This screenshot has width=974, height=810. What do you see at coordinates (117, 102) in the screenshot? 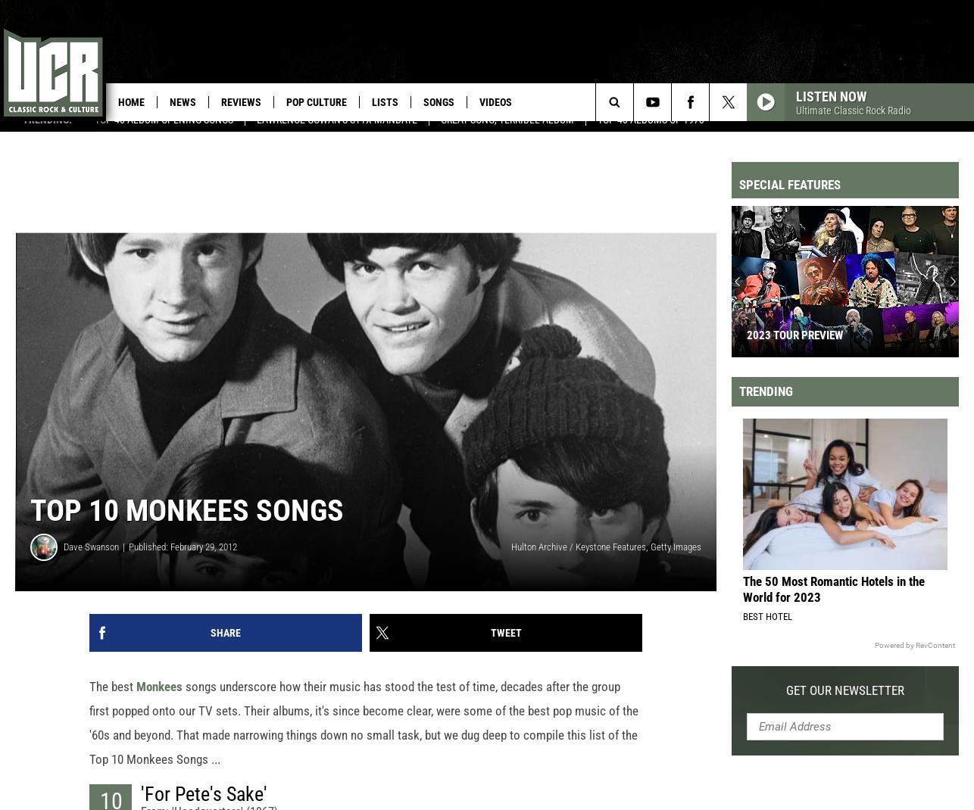
I see `'Home'` at bounding box center [117, 102].